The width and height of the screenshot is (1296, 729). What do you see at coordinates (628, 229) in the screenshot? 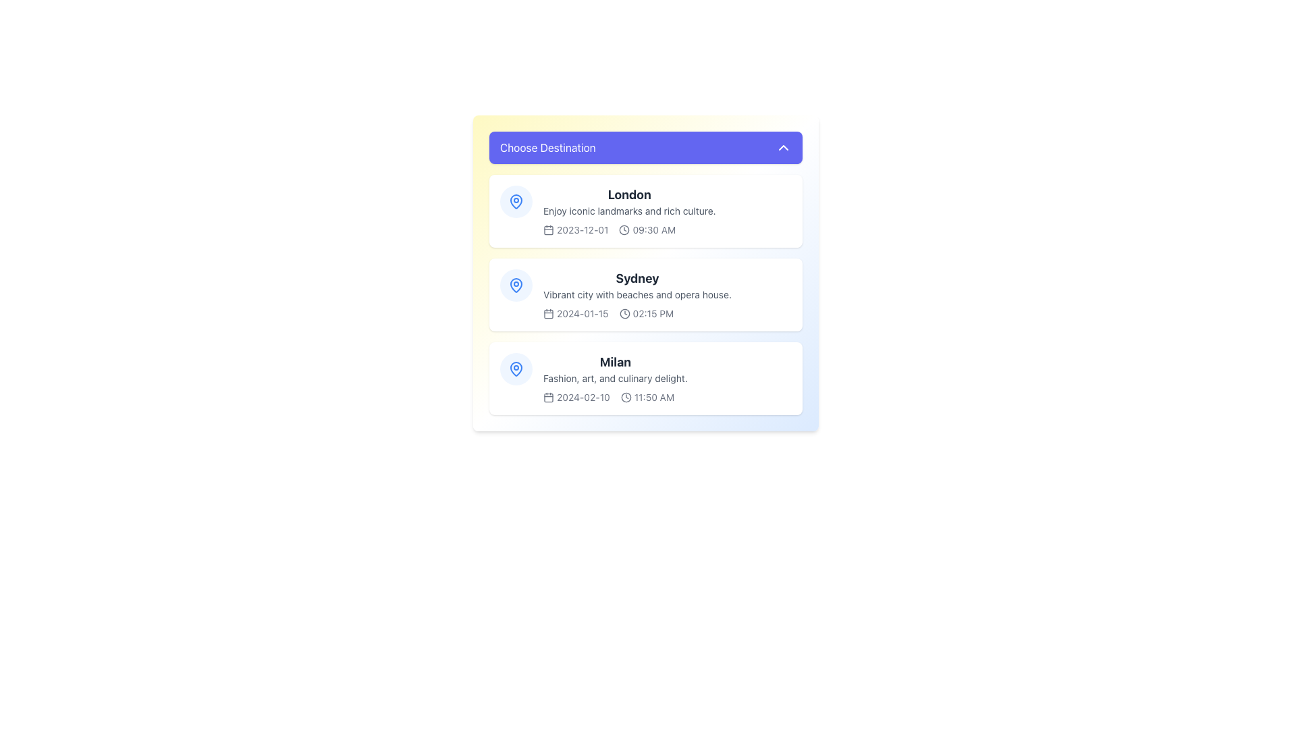
I see `the display text element showing the date and time ('2023-12-01 09:30 AM') with calendar and clock icons, located in the first tile of destination options` at bounding box center [628, 229].